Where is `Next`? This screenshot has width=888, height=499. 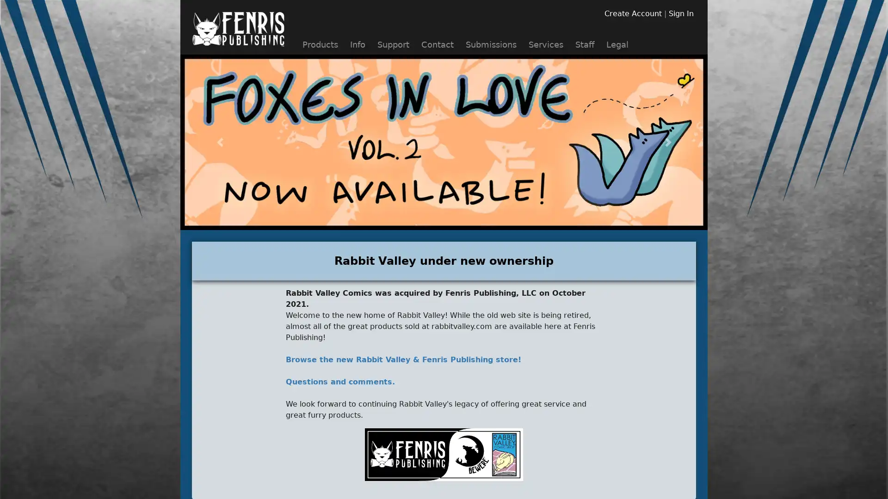
Next is located at coordinates (668, 142).